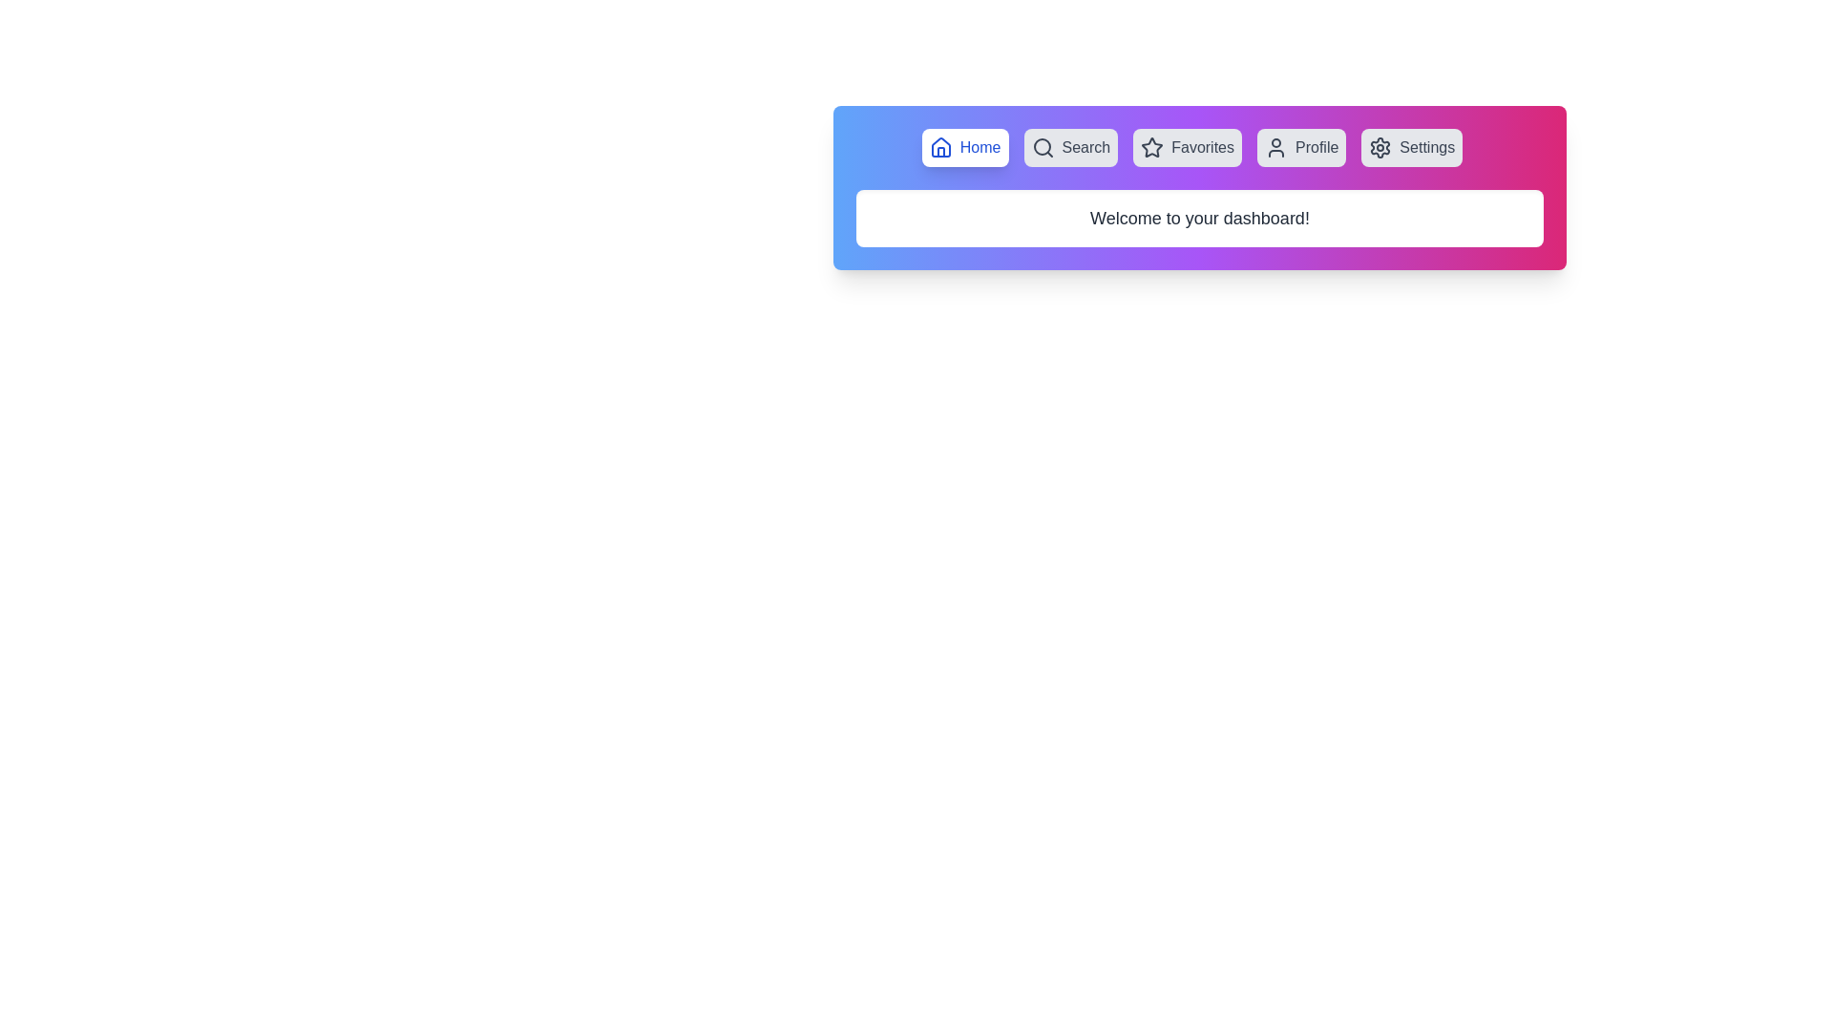  What do you see at coordinates (1380, 146) in the screenshot?
I see `the settings icon located in the navigation bar, positioned directly next to the 'Settings' label` at bounding box center [1380, 146].